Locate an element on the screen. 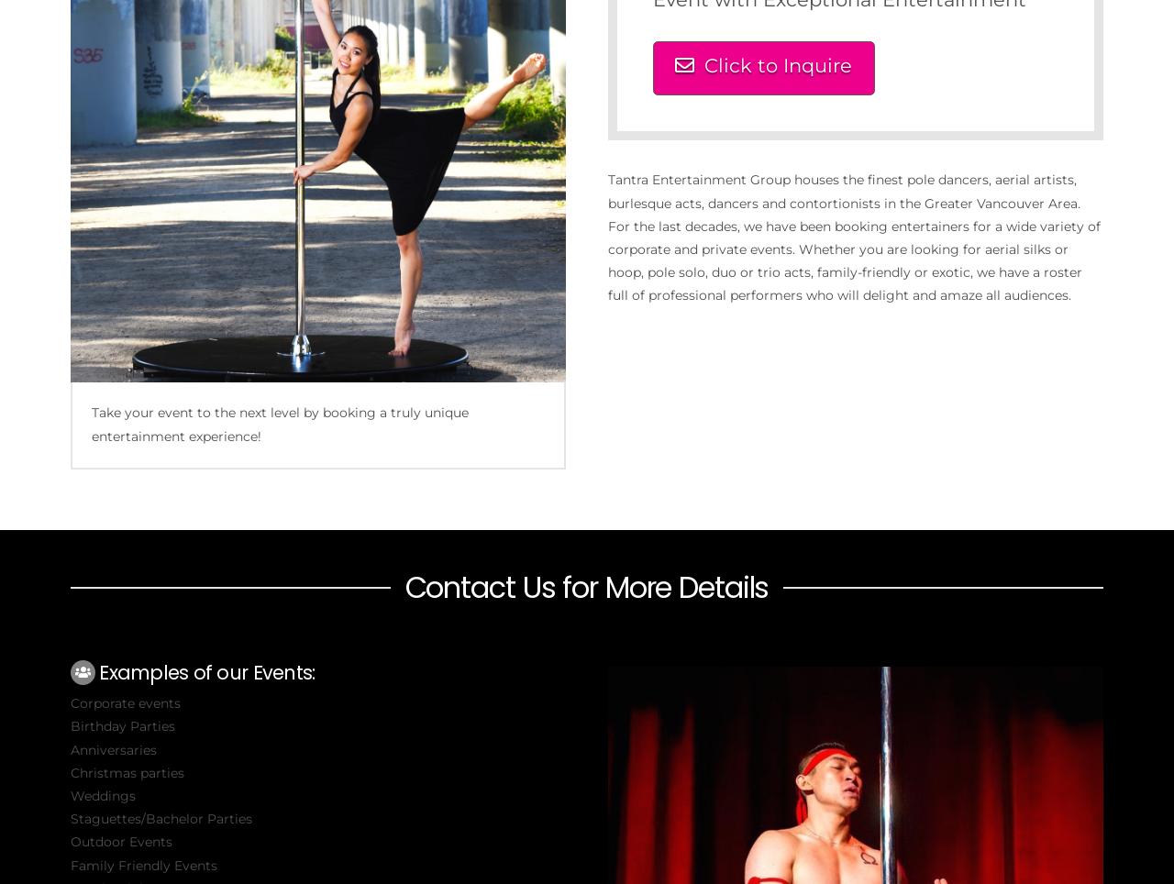 Image resolution: width=1174 pixels, height=884 pixels. 'Staguettes/Bachelor Parties' is located at coordinates (160, 817).